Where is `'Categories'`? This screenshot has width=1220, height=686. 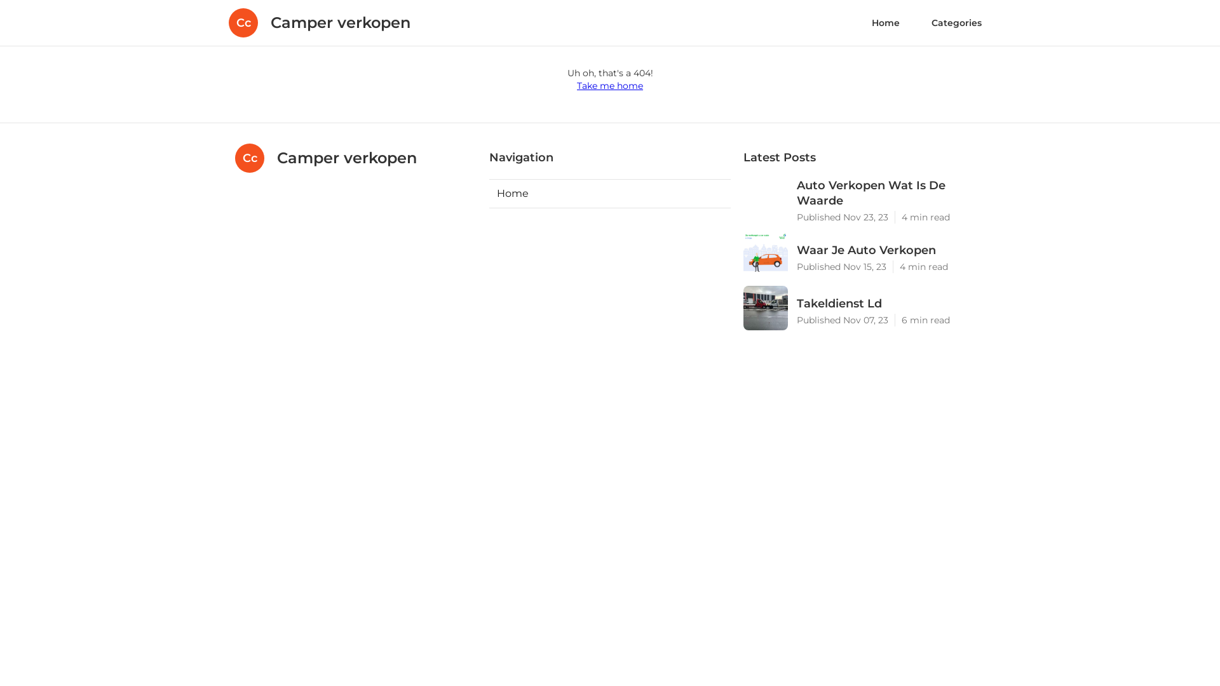 'Categories' is located at coordinates (956, 22).